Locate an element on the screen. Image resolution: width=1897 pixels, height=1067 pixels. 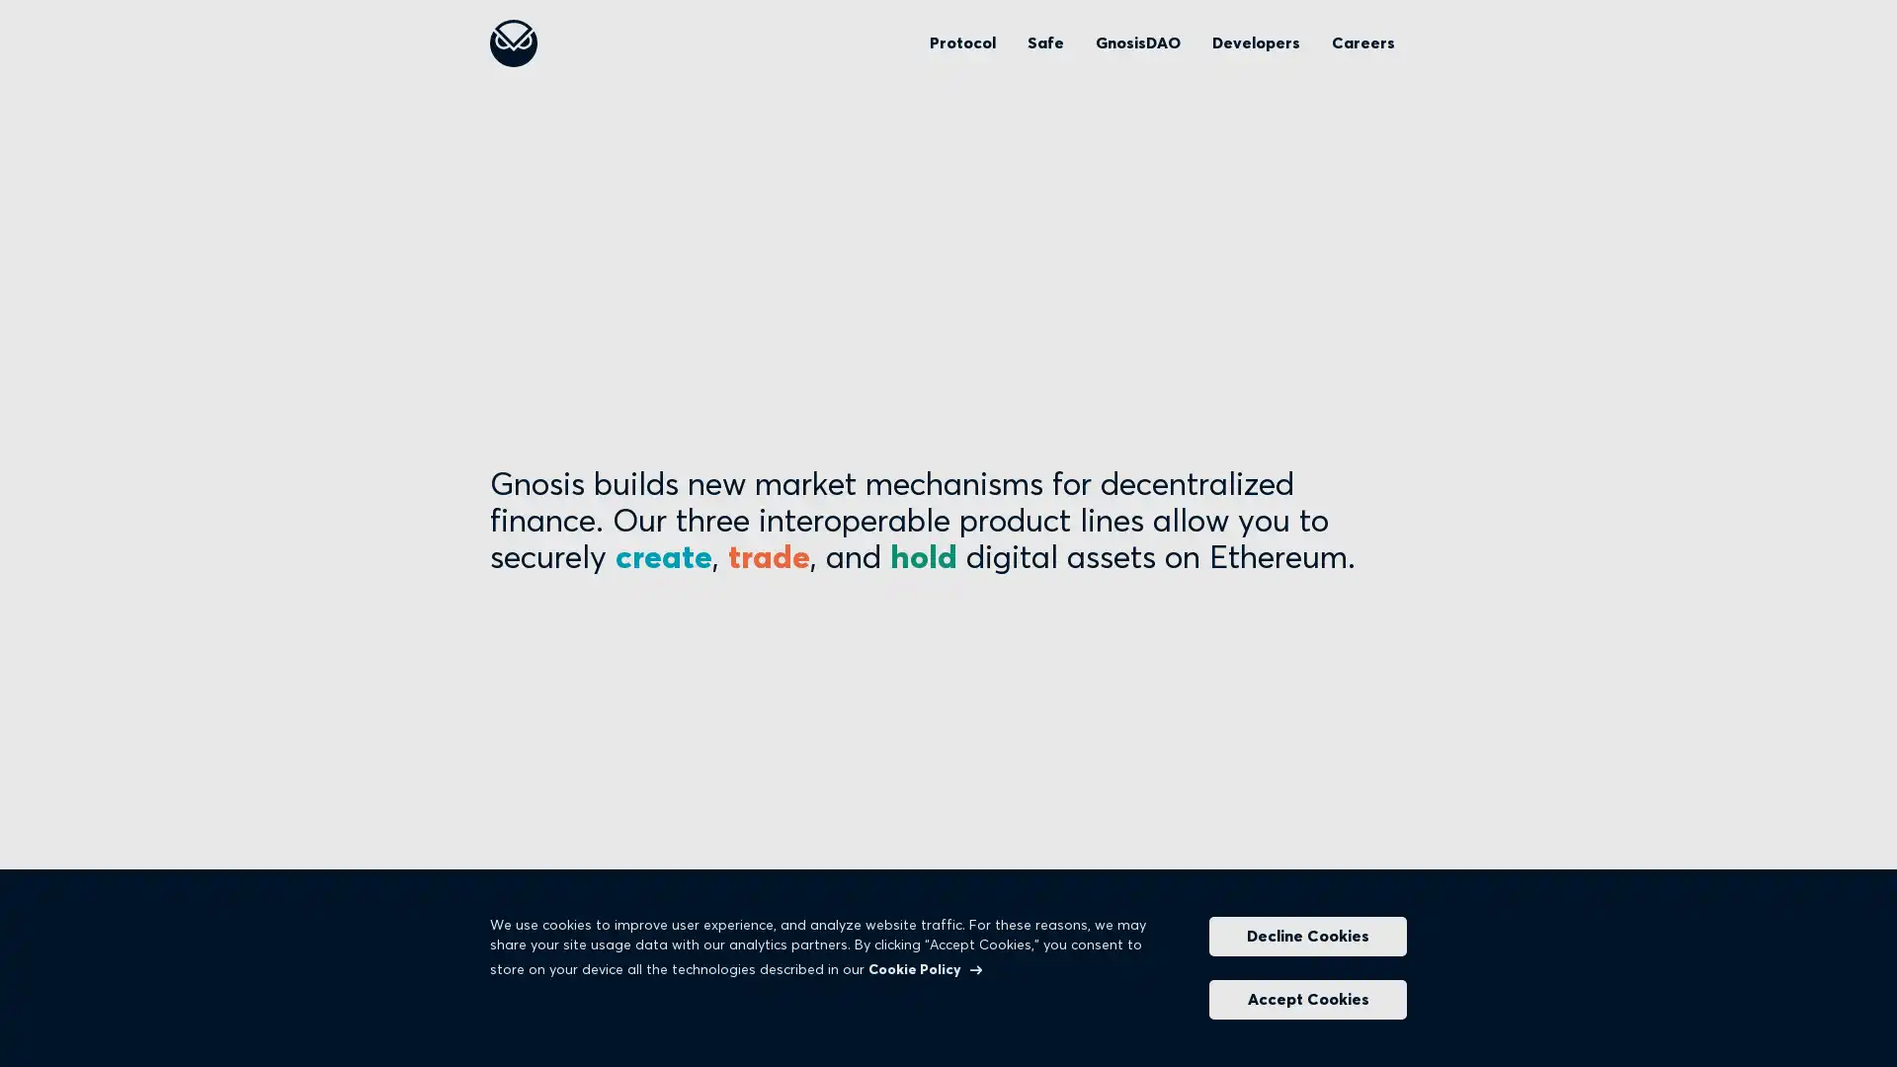
Accept Cookies is located at coordinates (1308, 999).